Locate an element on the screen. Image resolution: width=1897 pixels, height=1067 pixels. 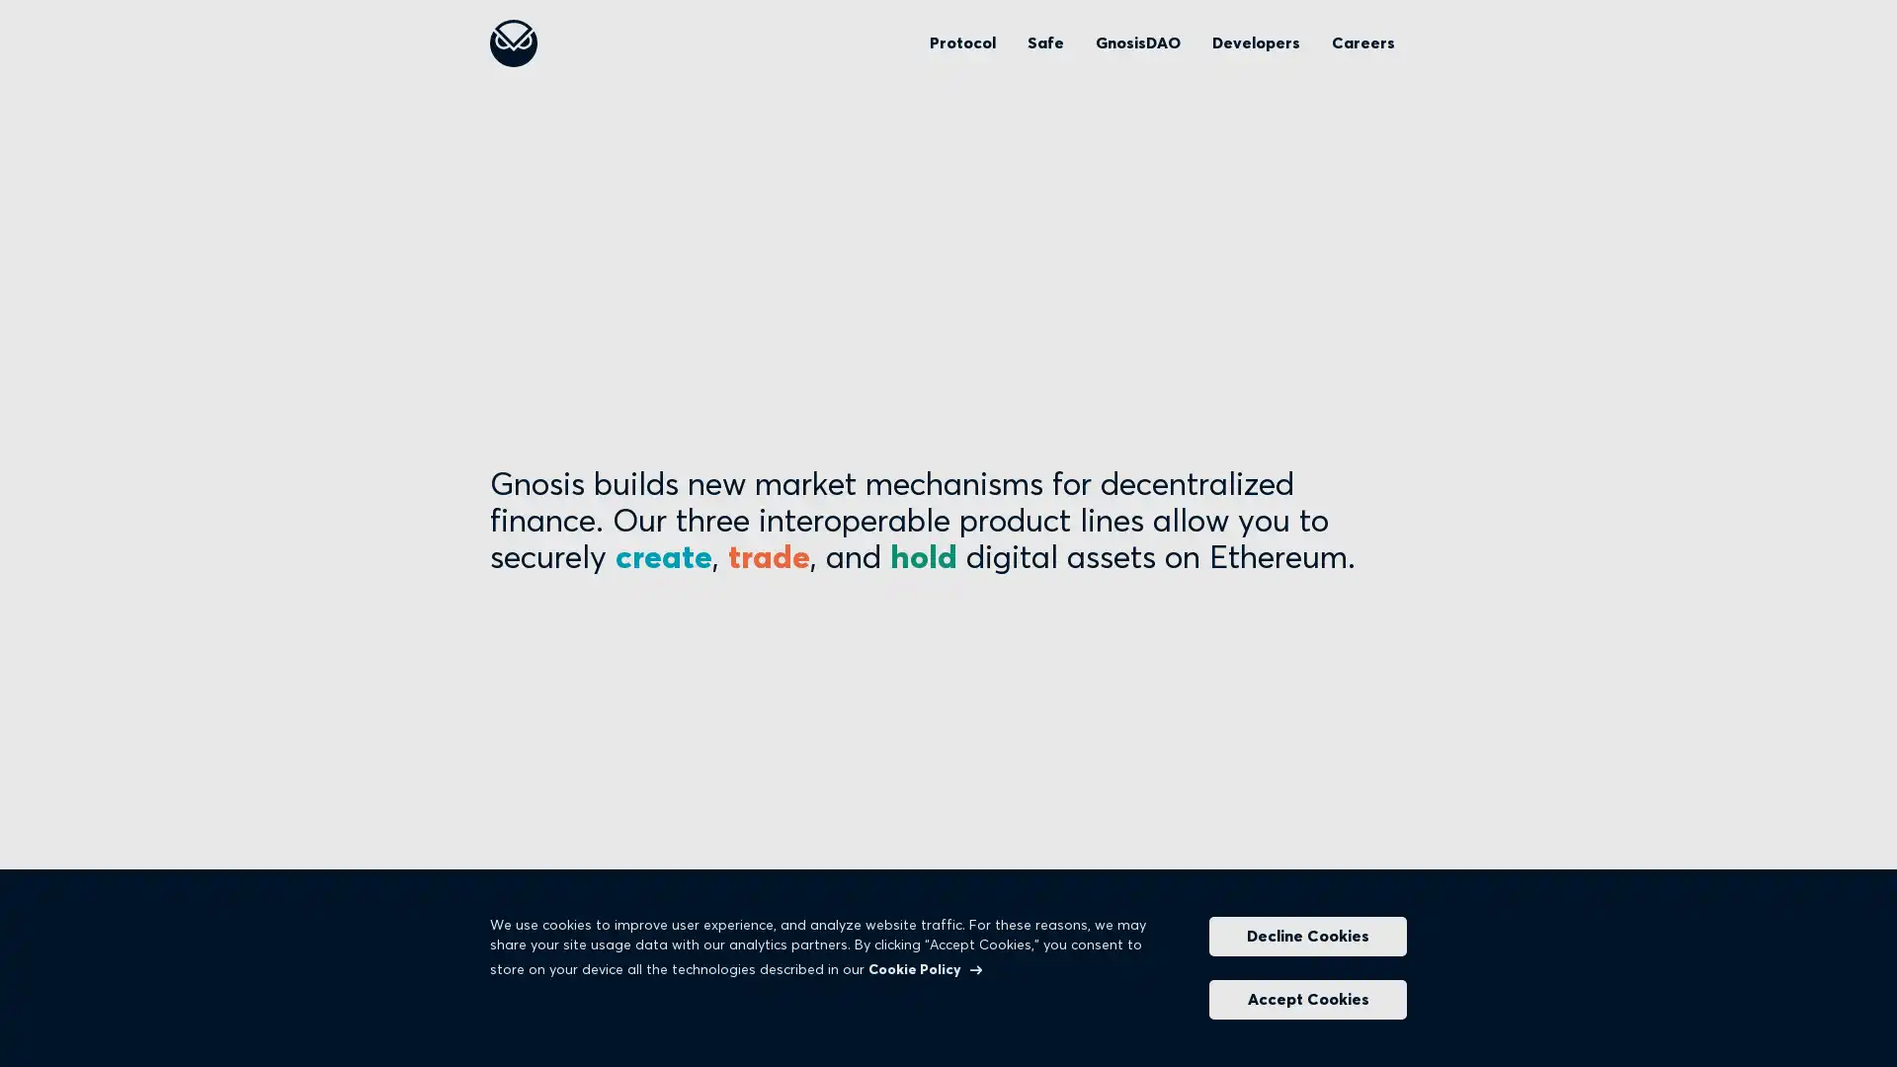
Accept Cookies is located at coordinates (1308, 999).